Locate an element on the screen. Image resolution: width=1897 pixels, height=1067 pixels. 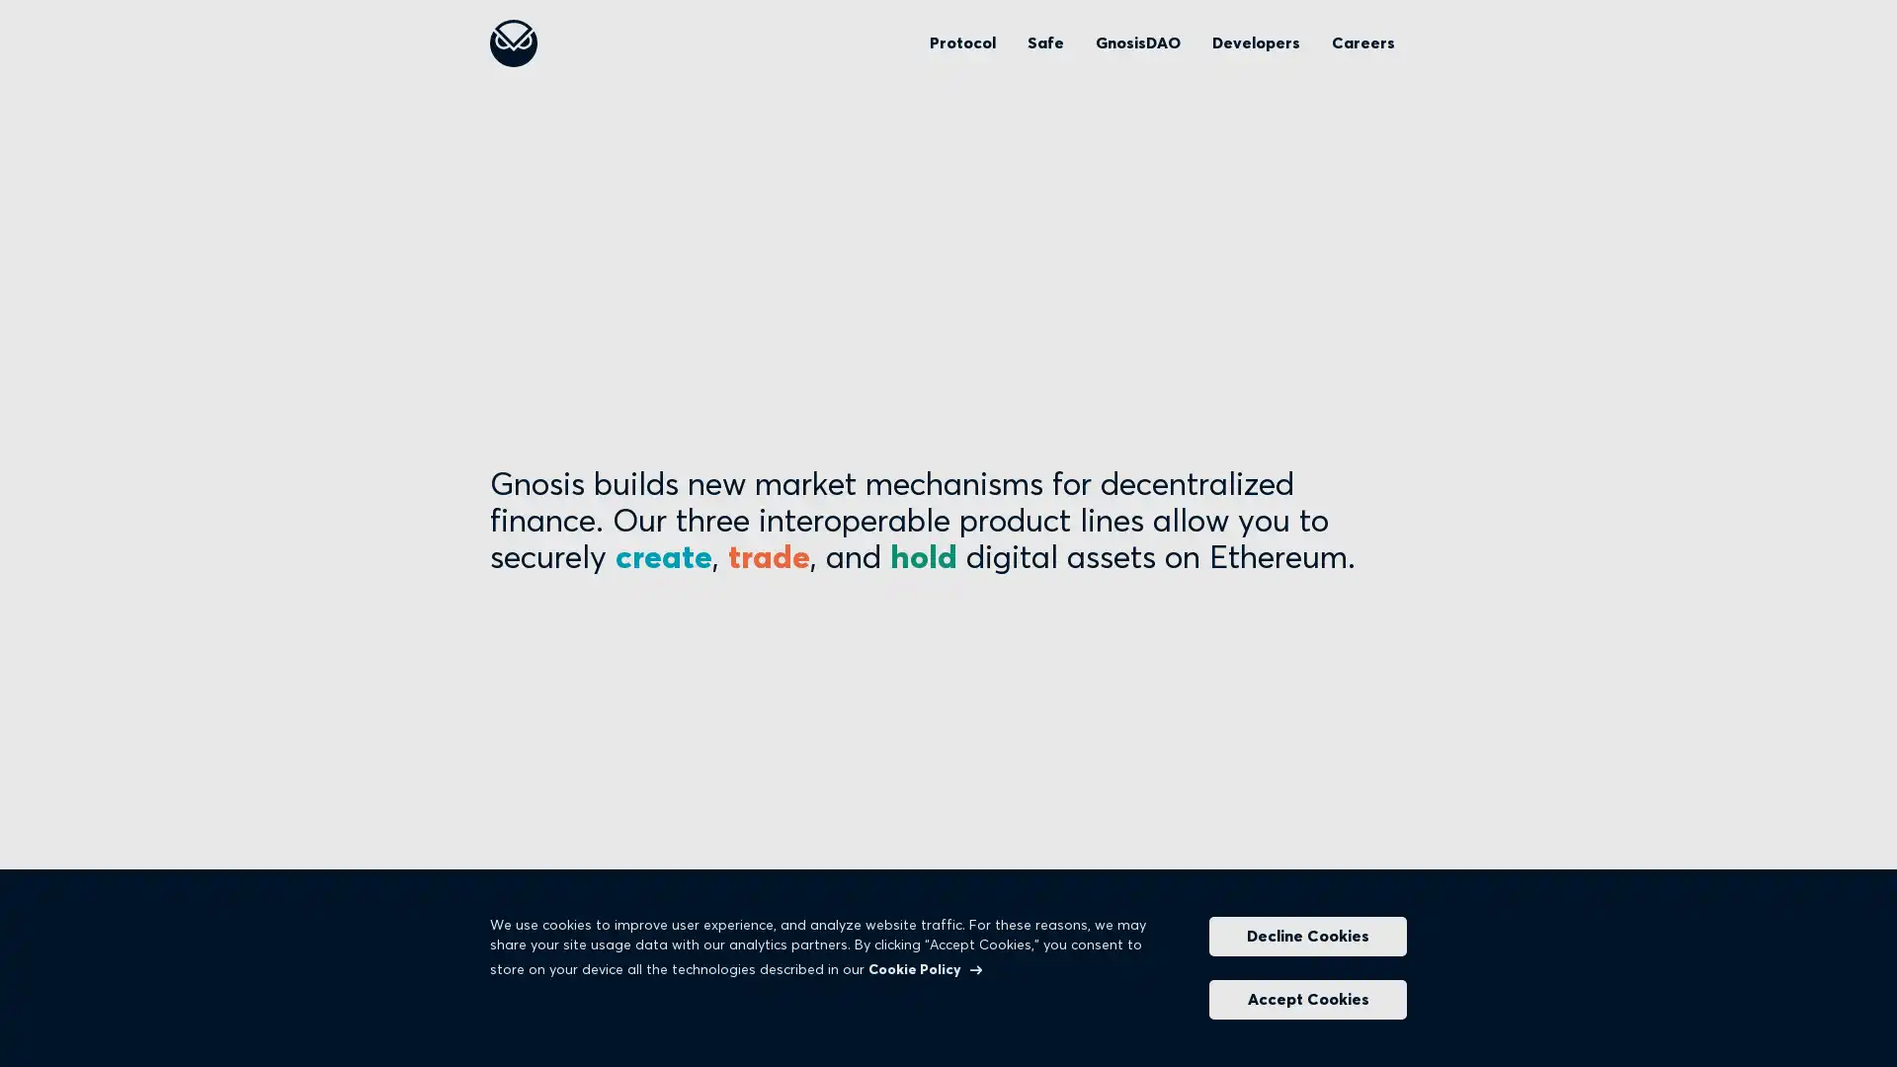
Accept Cookies is located at coordinates (1308, 999).